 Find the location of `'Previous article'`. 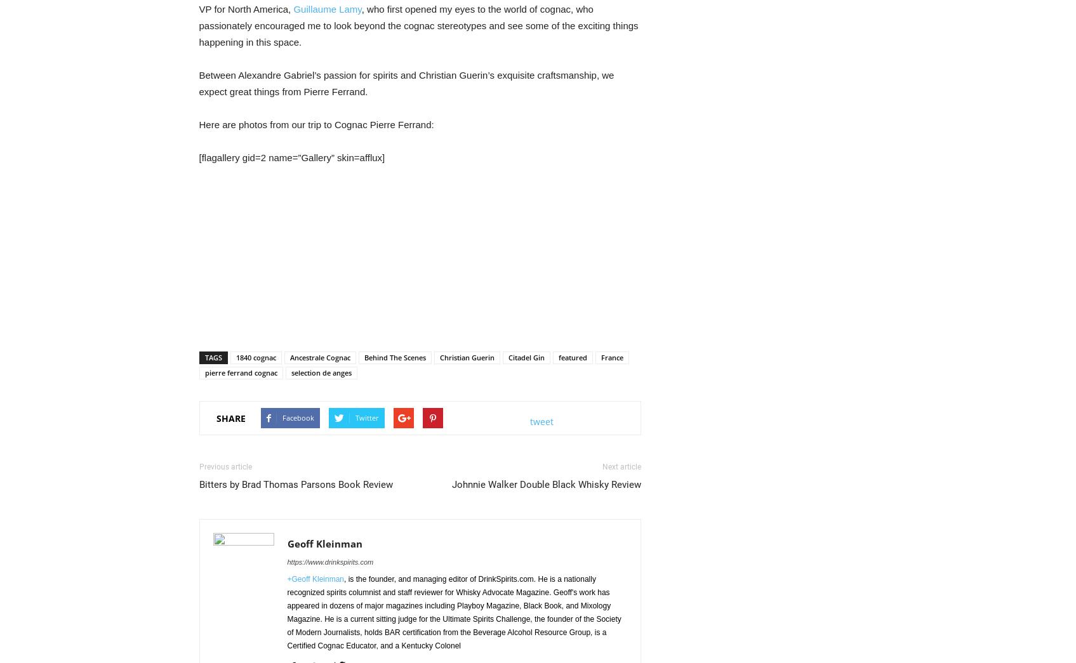

'Previous article' is located at coordinates (224, 466).